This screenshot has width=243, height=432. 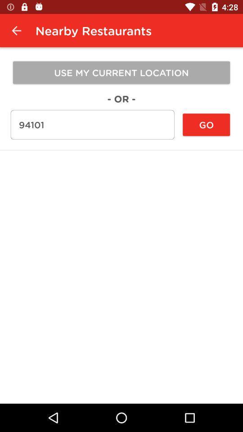 What do you see at coordinates (92, 124) in the screenshot?
I see `the text box left to the text go` at bounding box center [92, 124].